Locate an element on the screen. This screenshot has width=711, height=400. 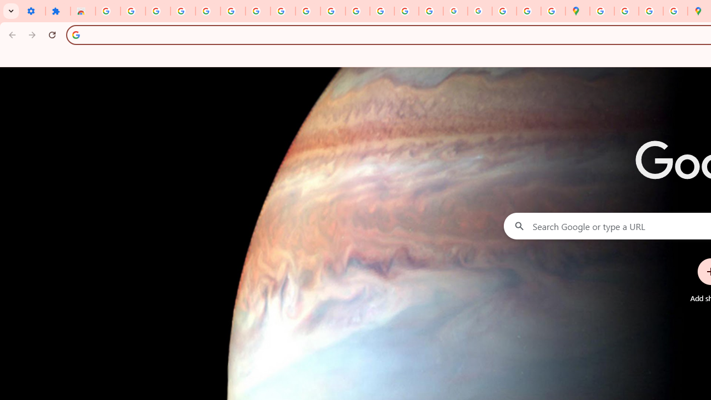
'Reviews: Helix Fruit Jump Arcade Game' is located at coordinates (82, 11).